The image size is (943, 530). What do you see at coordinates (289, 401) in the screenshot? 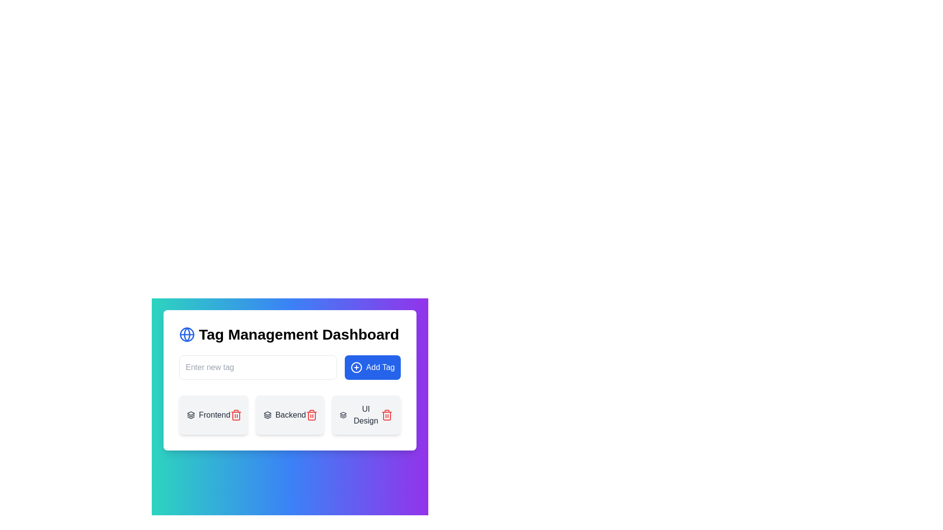
I see `the 'Backend' card component in the Tag Management Dashboard` at bounding box center [289, 401].